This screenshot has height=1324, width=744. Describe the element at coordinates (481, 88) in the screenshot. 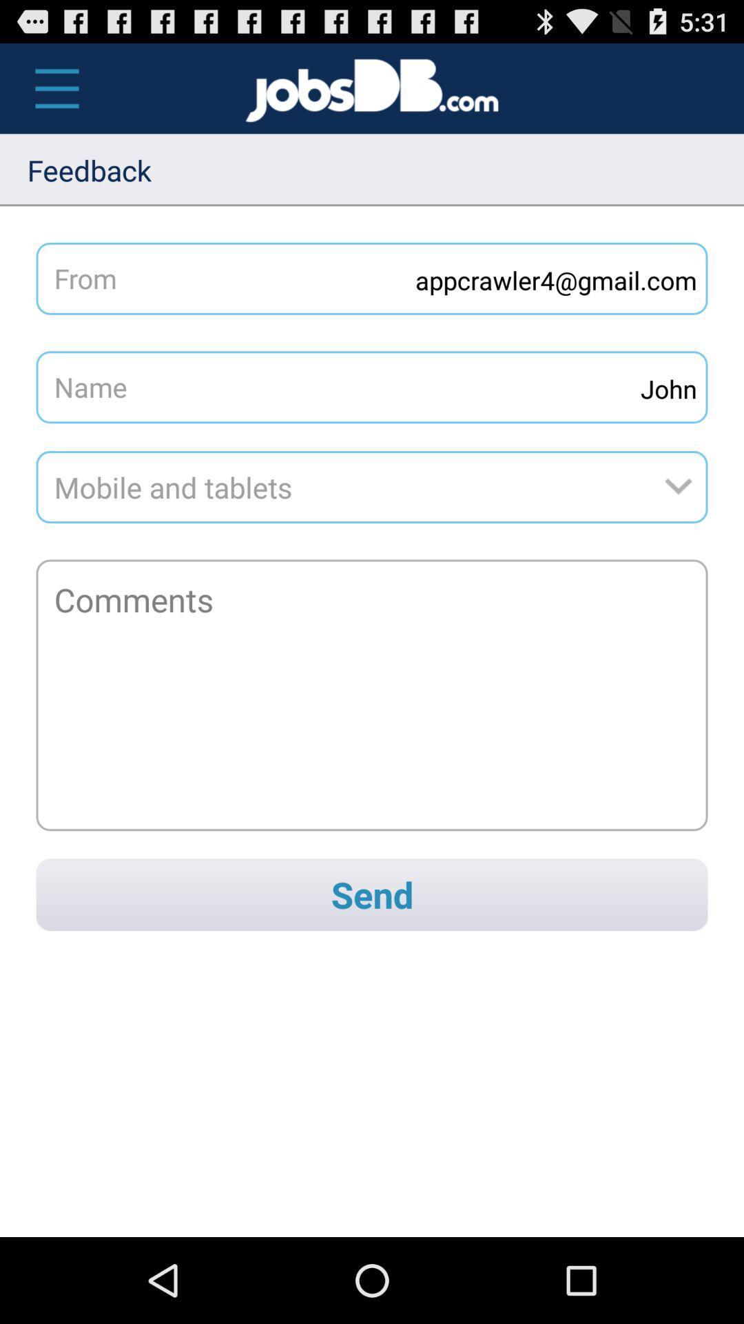

I see `the text com` at that location.